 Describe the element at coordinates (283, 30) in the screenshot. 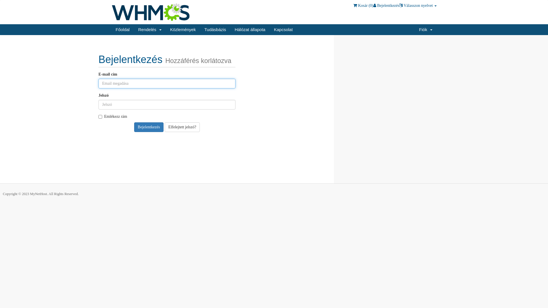

I see `'Kapcsolat'` at that location.